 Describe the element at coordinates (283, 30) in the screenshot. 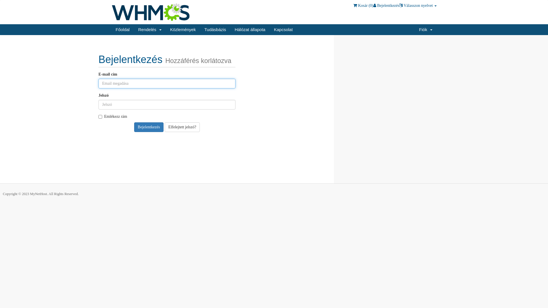

I see `'Kapcsolat'` at that location.